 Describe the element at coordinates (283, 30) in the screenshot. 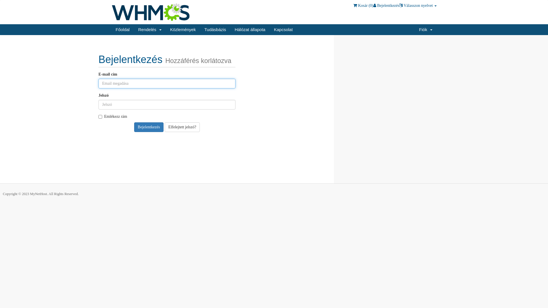

I see `'Kapcsolat'` at that location.